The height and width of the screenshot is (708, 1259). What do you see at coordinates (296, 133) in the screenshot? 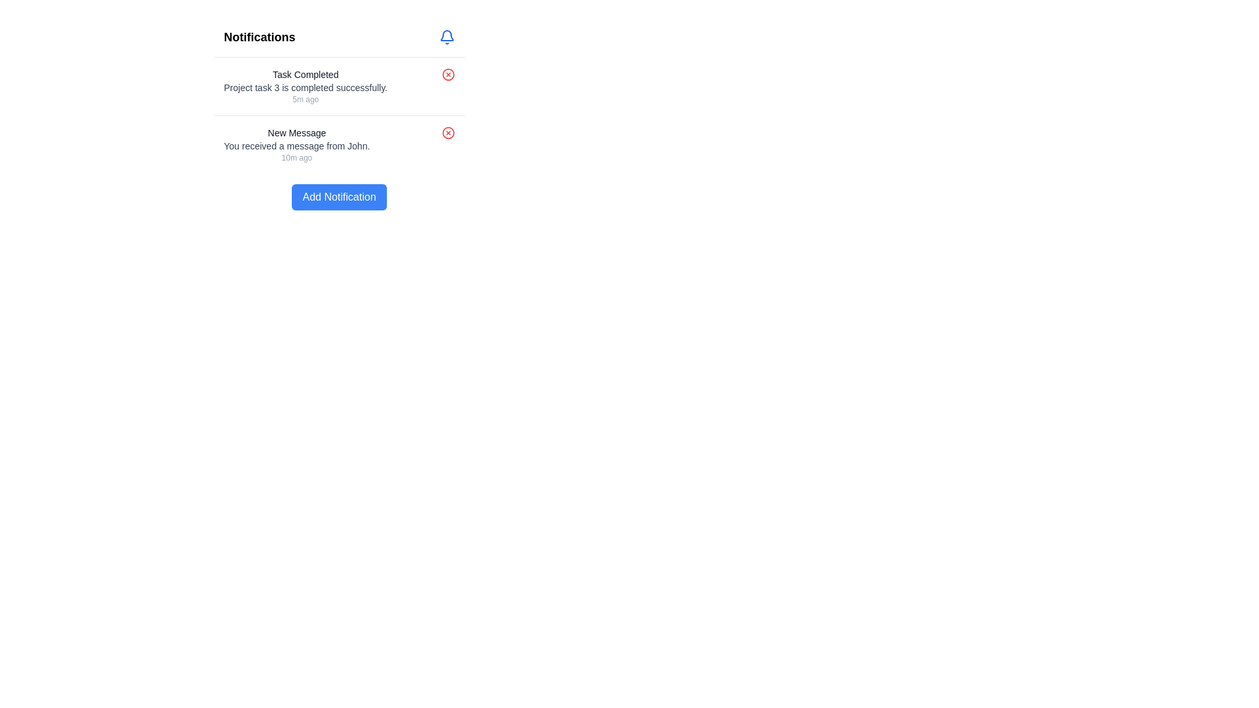
I see `the label that summarizes the notification titled 'New Message' located in the second notification item, positioned above the description 'You received a message from John.'` at bounding box center [296, 133].